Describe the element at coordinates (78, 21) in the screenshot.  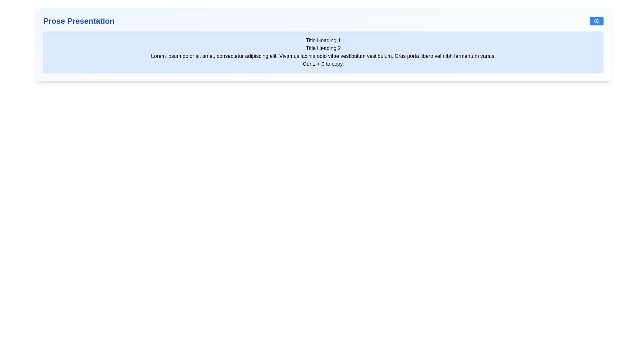
I see `the Text Label located at the top-left corner of the page, which serves as a heading or title for the surrounding content` at that location.